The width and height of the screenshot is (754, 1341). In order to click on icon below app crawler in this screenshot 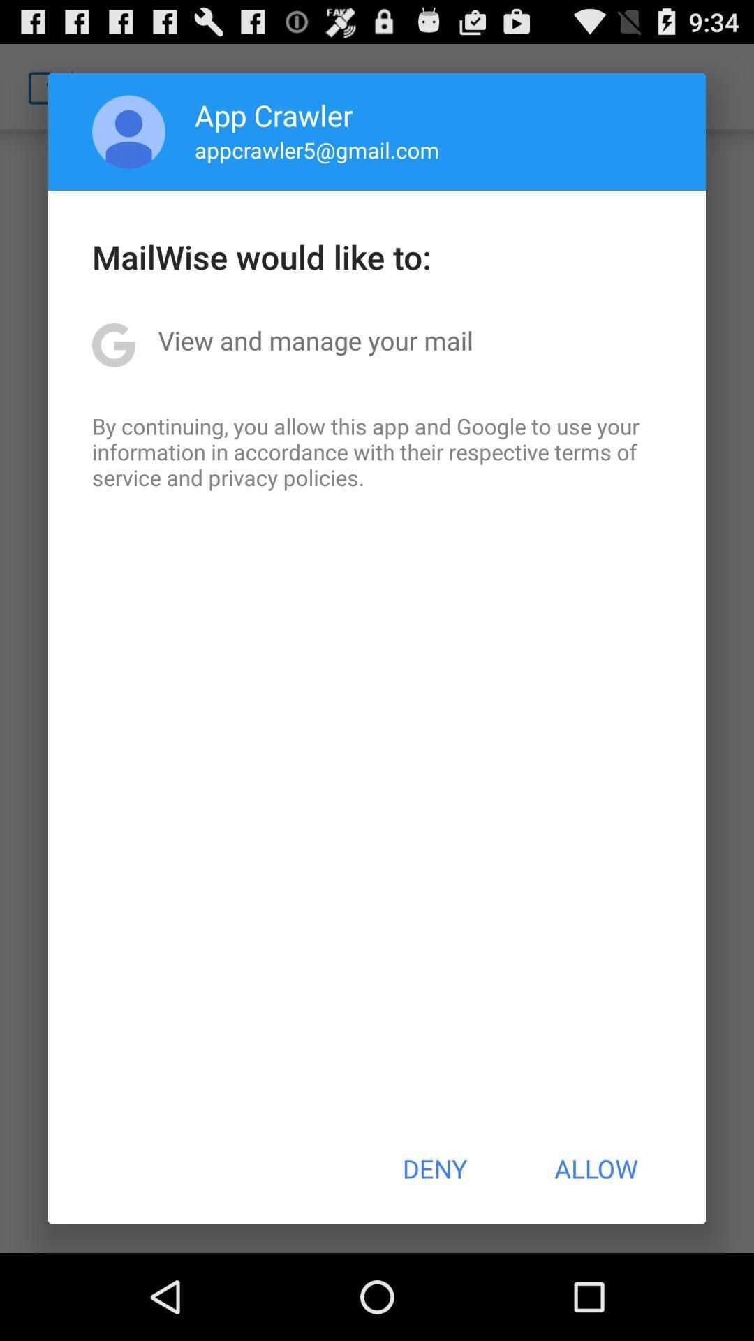, I will do `click(317, 149)`.